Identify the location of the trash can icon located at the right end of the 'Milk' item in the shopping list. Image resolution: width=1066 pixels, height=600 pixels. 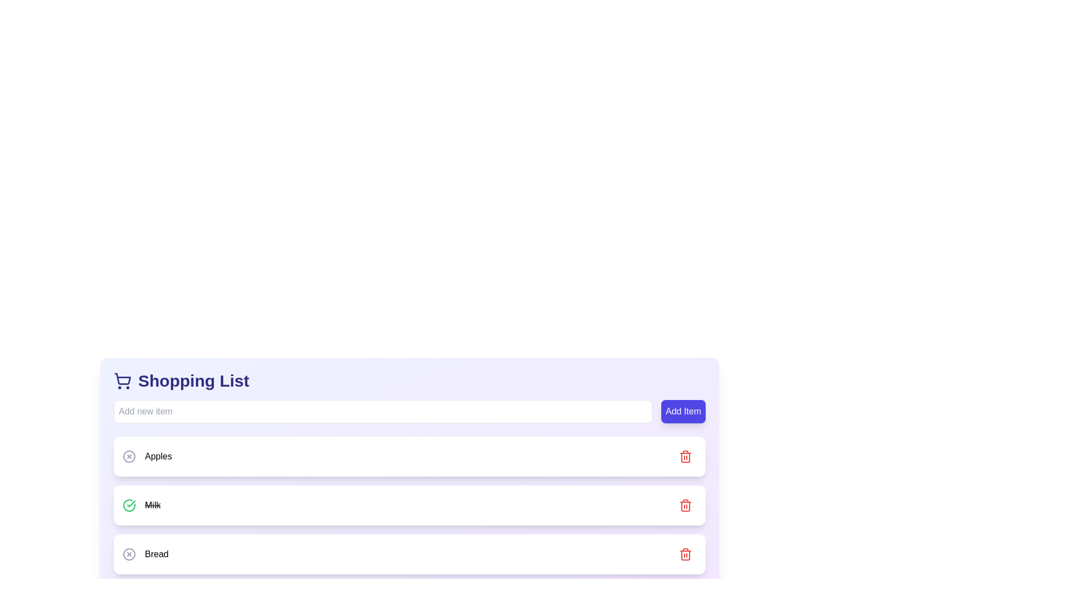
(685, 506).